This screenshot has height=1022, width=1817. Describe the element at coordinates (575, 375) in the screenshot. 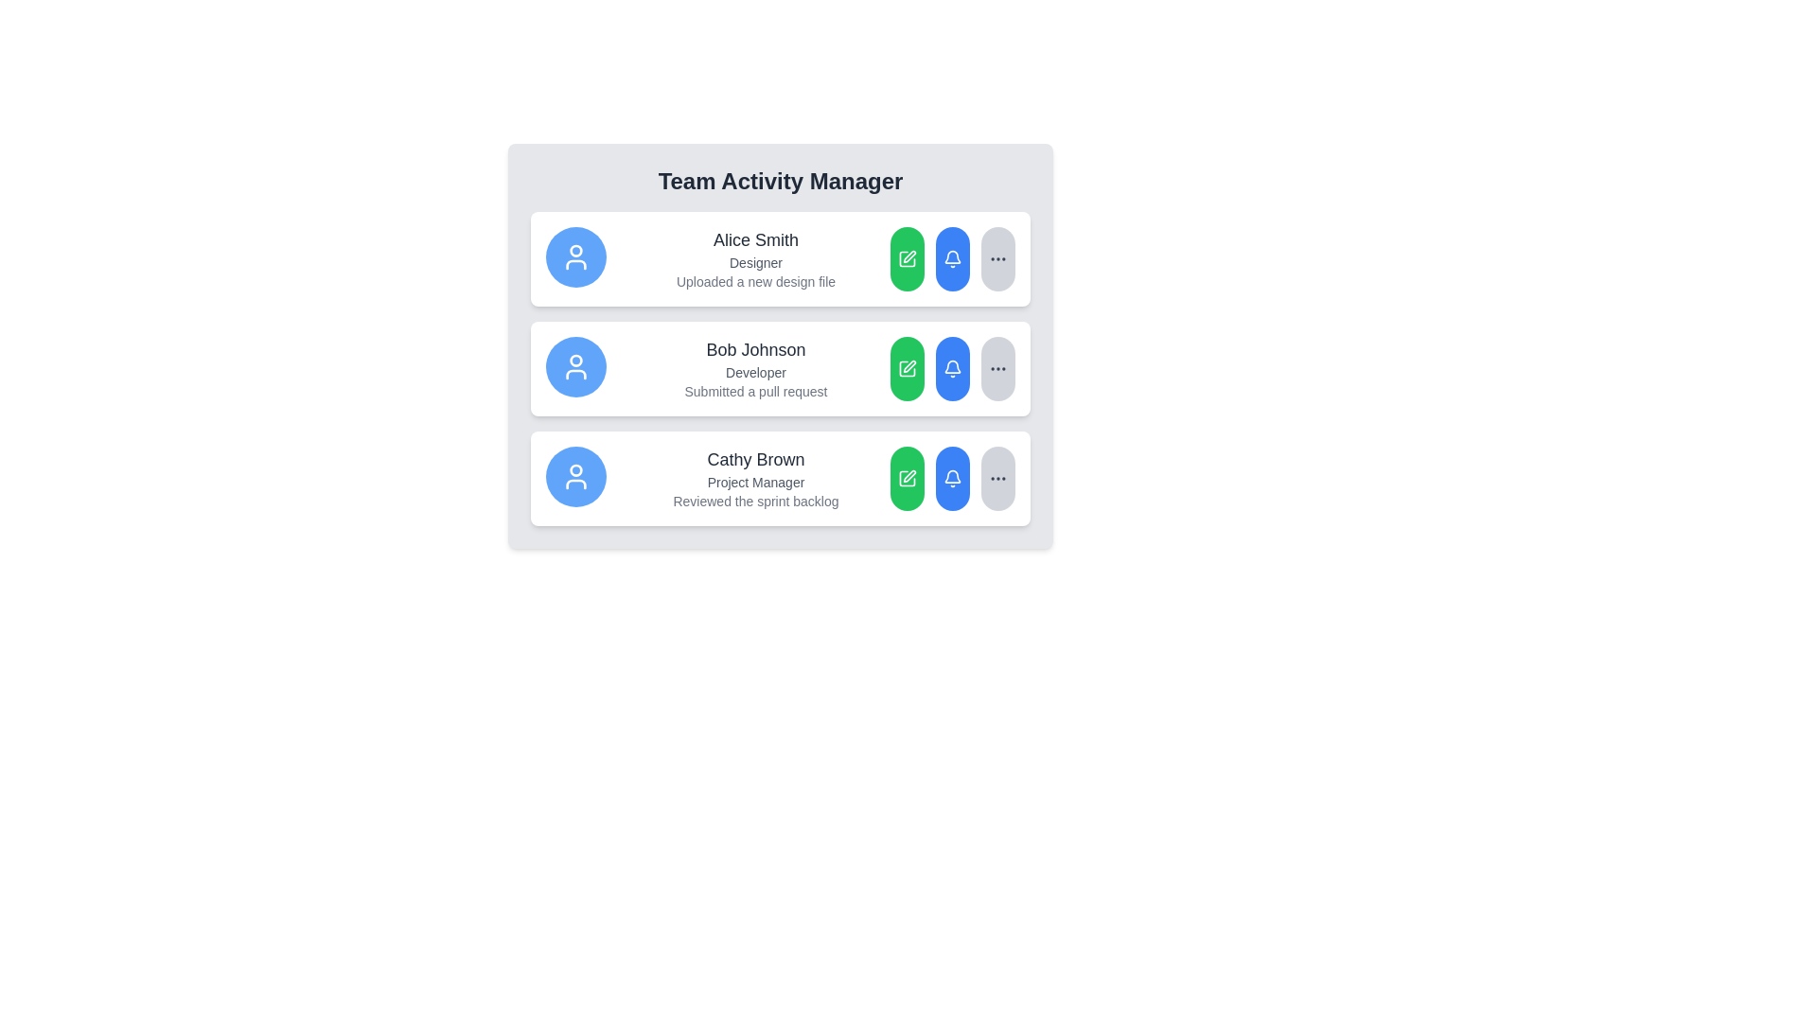

I see `the user profile avatar icon for 'Bob Johnson' in the 'Team Activity Manager' panel, which consists of a torso shape and a head` at that location.